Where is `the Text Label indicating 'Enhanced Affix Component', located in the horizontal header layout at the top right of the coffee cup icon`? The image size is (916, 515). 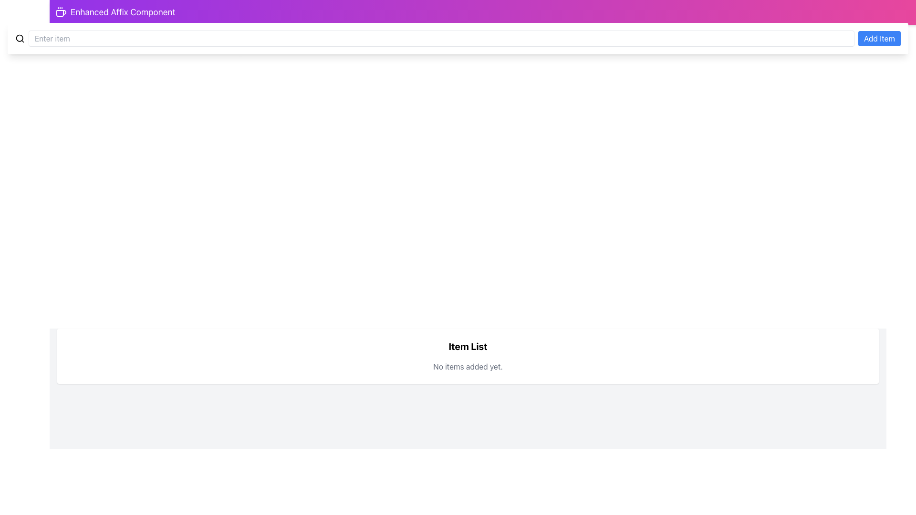
the Text Label indicating 'Enhanced Affix Component', located in the horizontal header layout at the top right of the coffee cup icon is located at coordinates (122, 12).